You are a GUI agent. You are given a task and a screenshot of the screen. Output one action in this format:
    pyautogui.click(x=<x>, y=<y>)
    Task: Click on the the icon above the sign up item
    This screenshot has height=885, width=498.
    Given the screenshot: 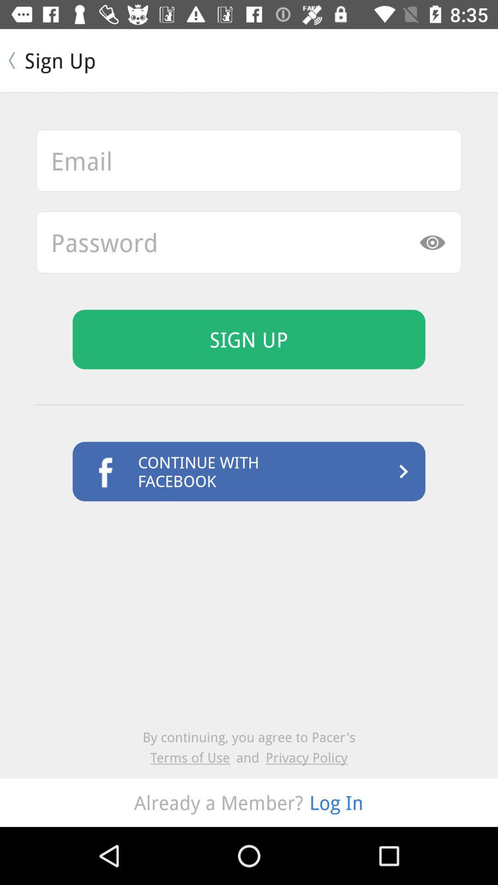 What is the action you would take?
    pyautogui.click(x=249, y=242)
    